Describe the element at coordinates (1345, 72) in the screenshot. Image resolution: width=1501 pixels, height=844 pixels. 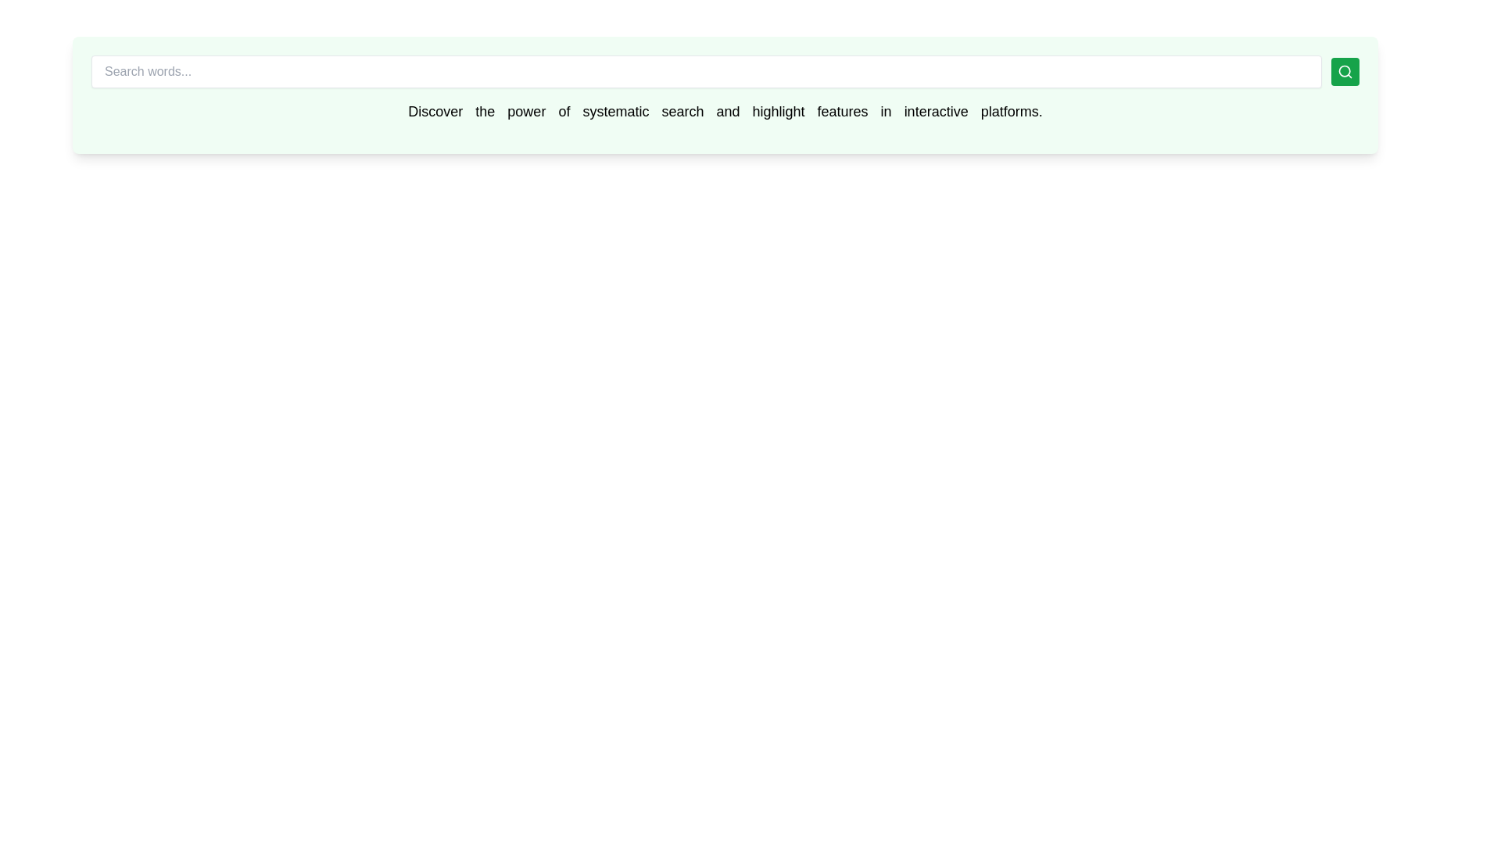
I see `the small green button with a white search icon located to the far right of the search bar` at that location.